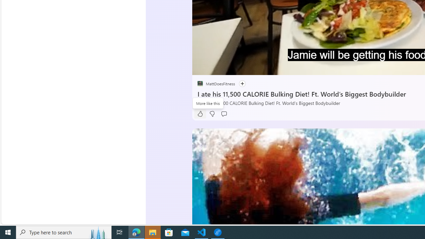  Describe the element at coordinates (223, 114) in the screenshot. I see `'Start the conversation'` at that location.